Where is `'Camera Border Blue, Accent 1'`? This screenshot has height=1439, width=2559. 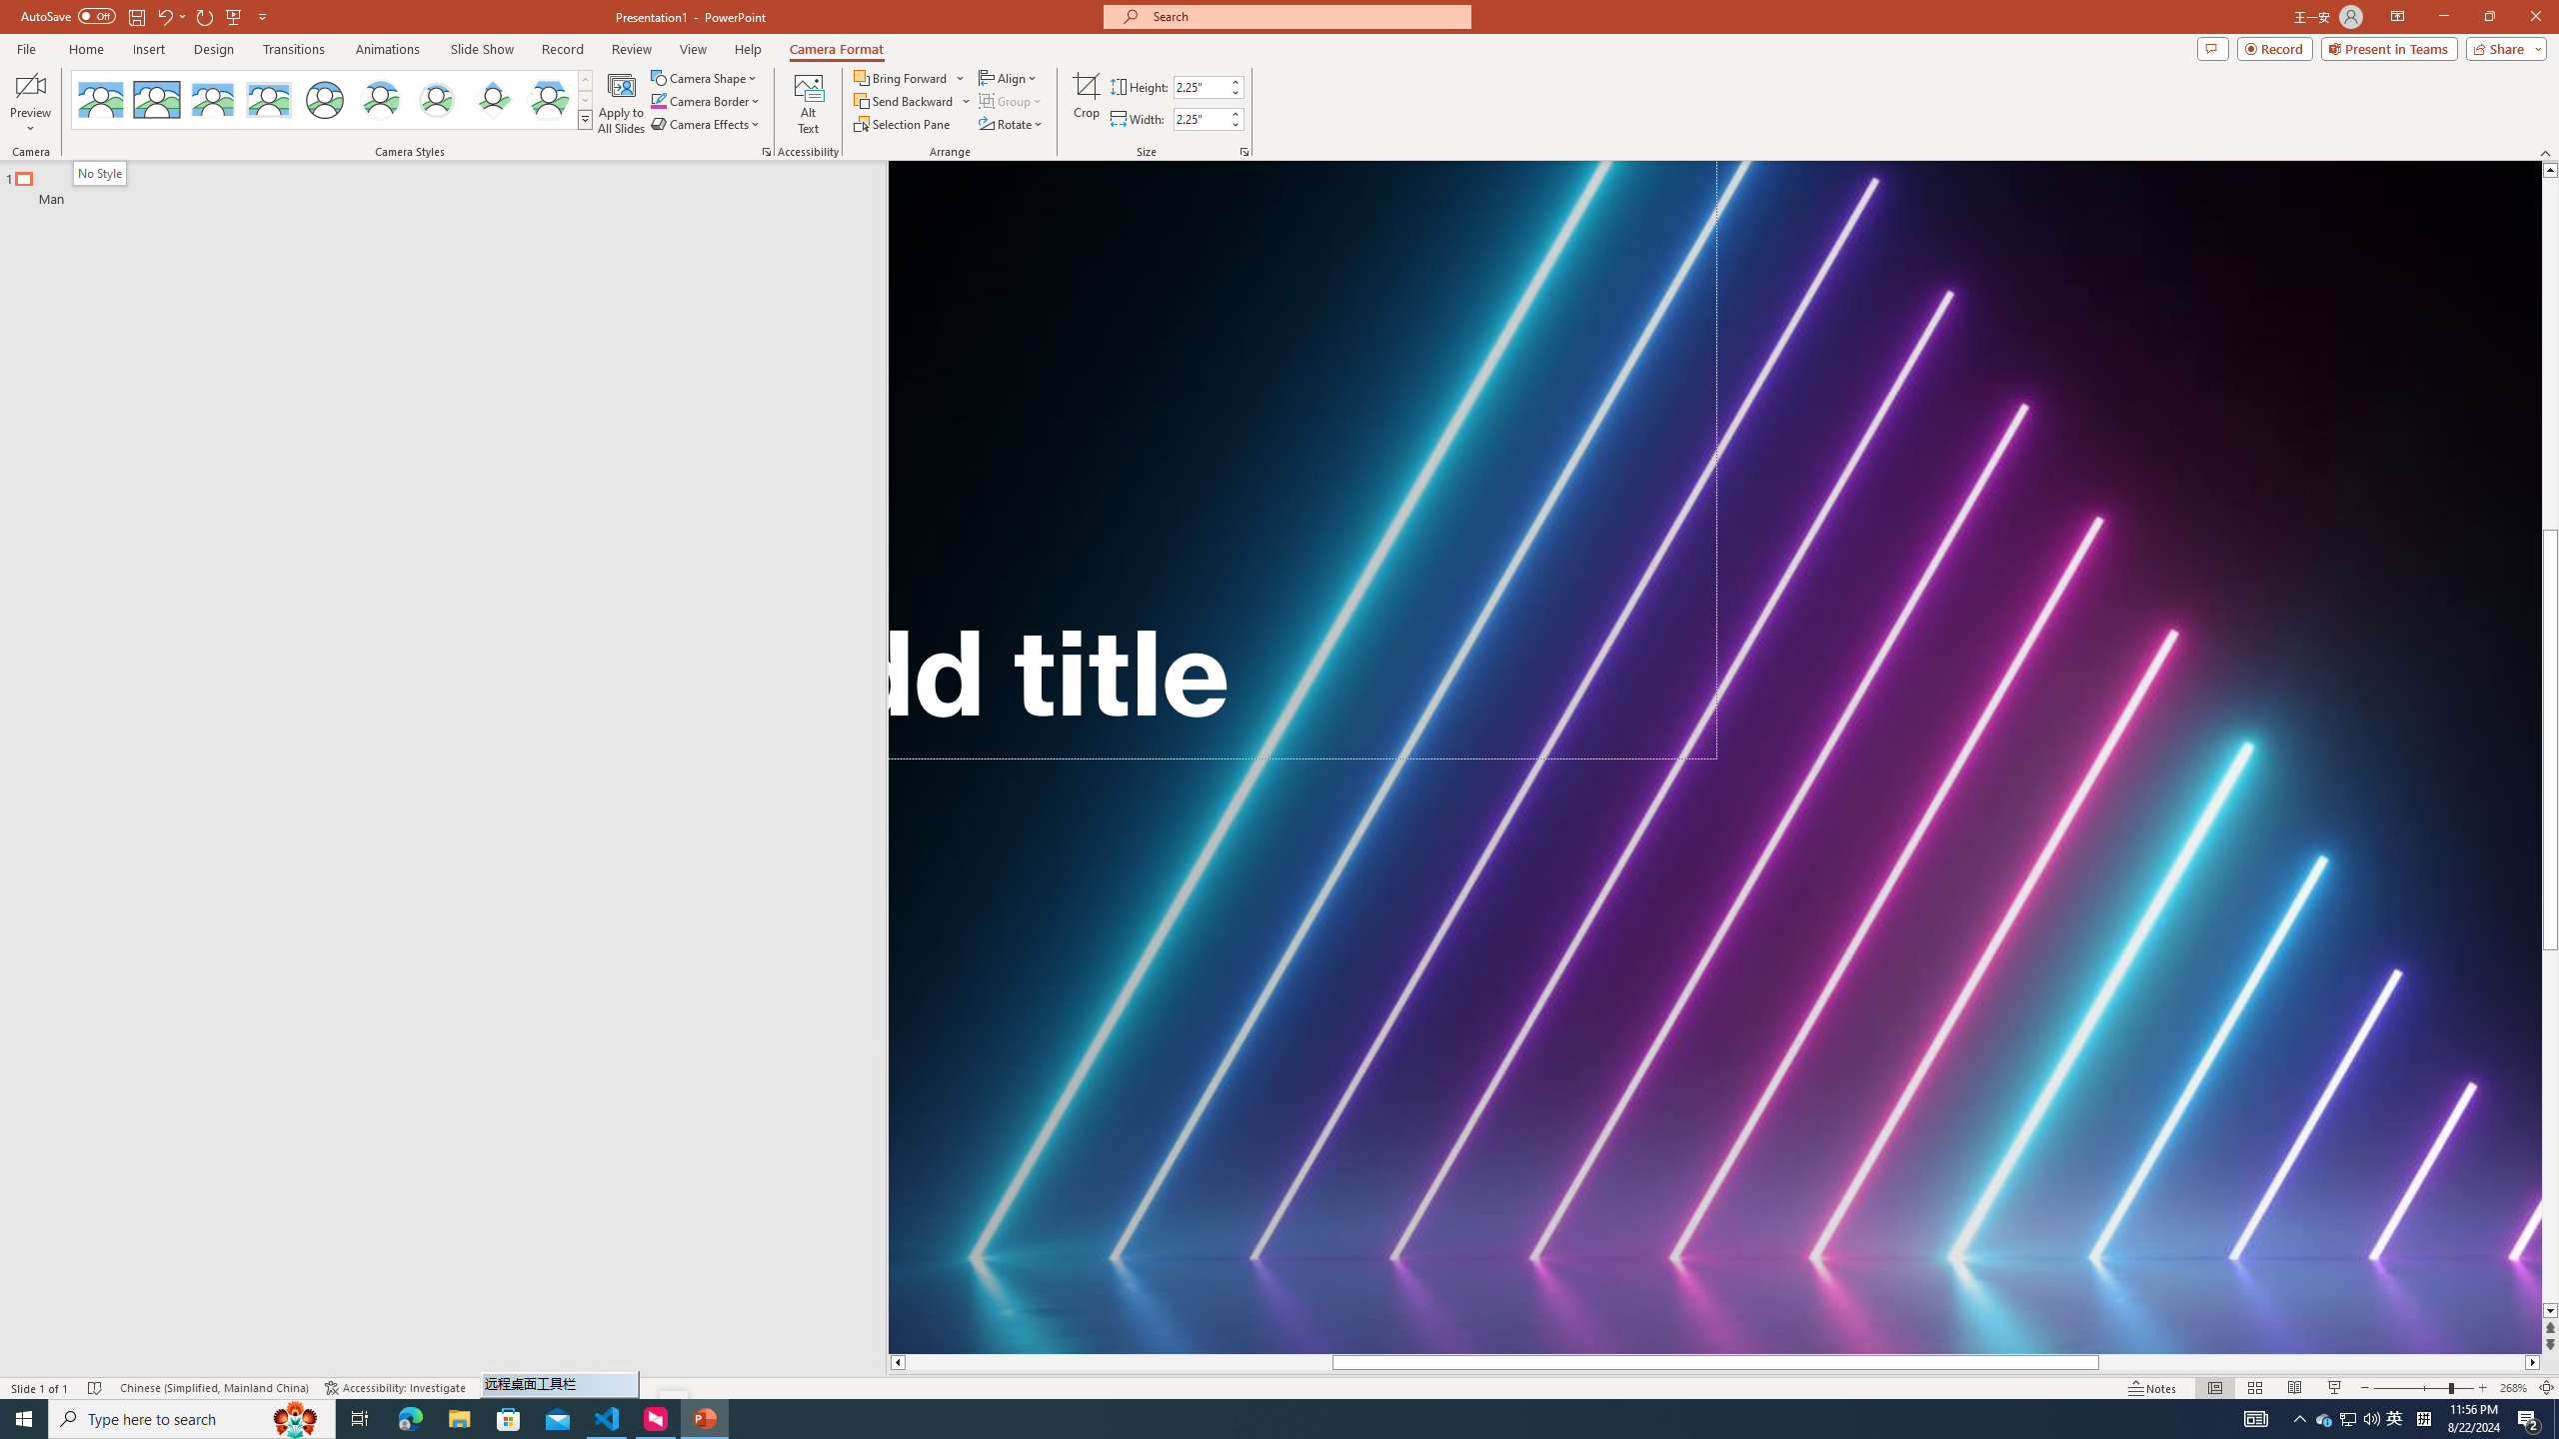
'Camera Border Blue, Accent 1' is located at coordinates (659, 99).